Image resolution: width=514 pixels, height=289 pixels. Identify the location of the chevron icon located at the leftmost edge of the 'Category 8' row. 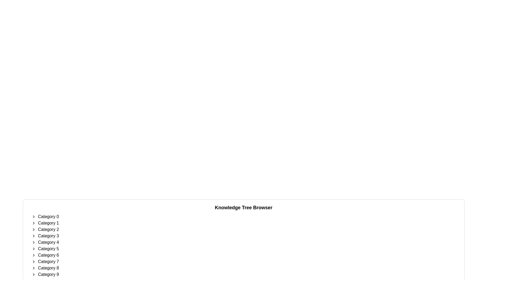
(33, 268).